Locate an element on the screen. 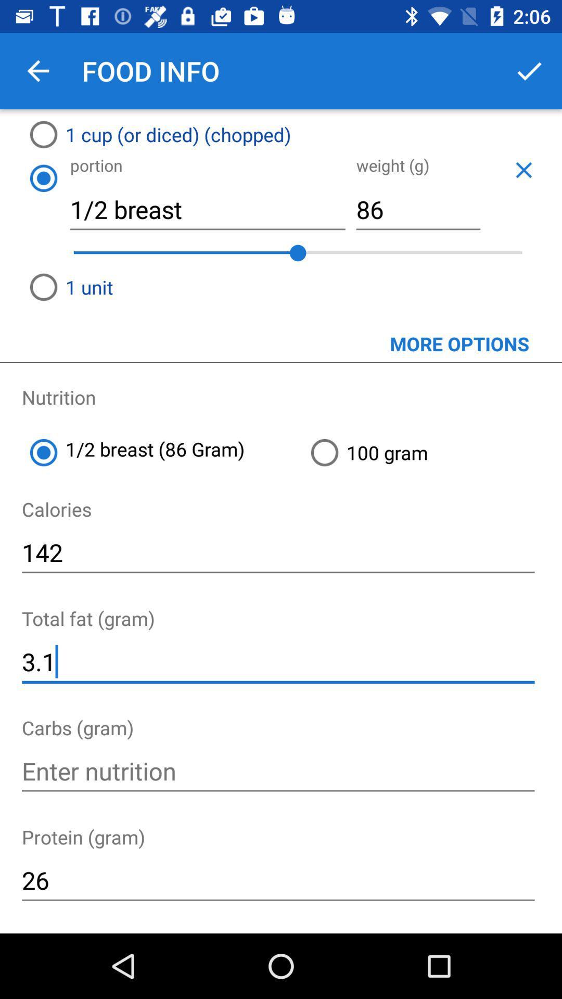 The width and height of the screenshot is (562, 999). icon next to 1 2 breast is located at coordinates (432, 452).